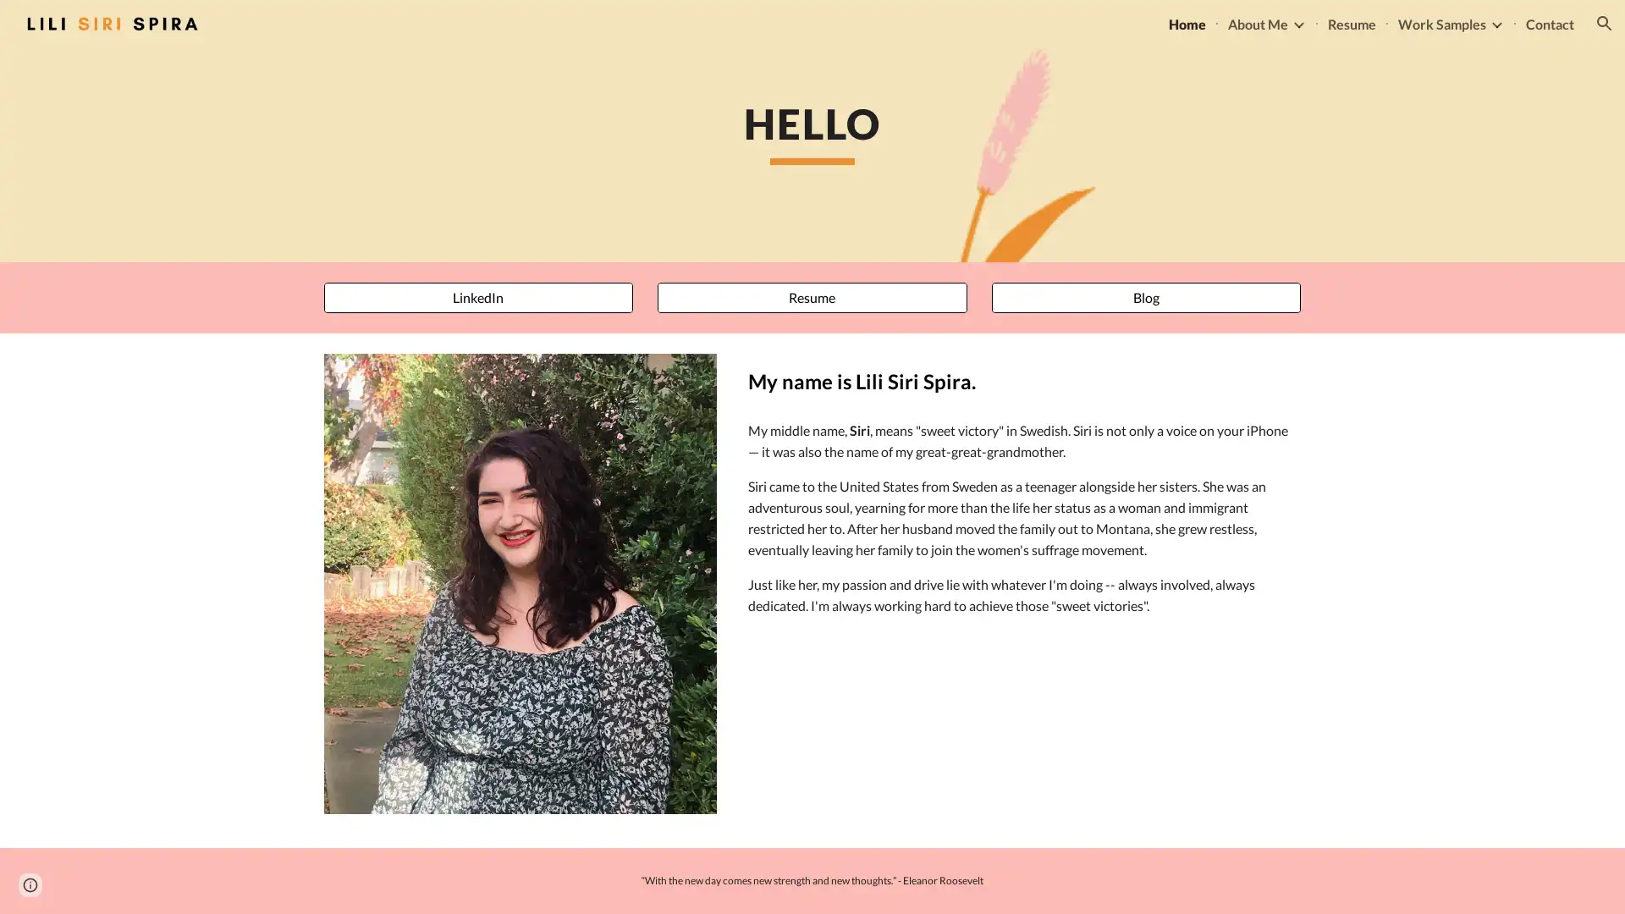 This screenshot has width=1625, height=914. Describe the element at coordinates (995, 381) in the screenshot. I see `Copy heading link` at that location.